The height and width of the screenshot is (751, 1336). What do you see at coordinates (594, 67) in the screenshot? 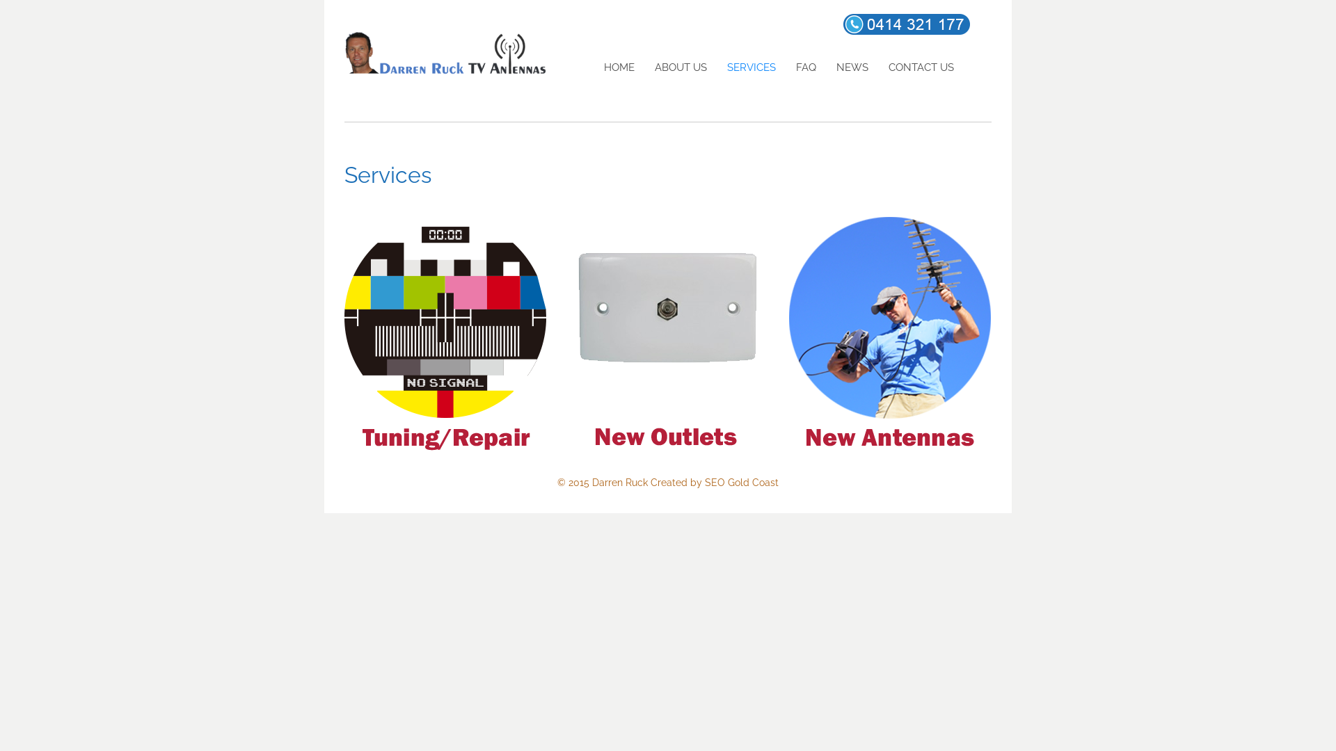
I see `'HOME'` at bounding box center [594, 67].